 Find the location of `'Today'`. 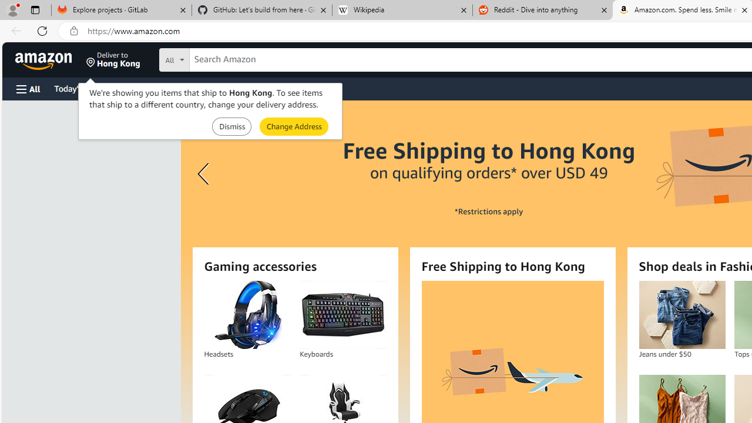

'Today' is located at coordinates (78, 88).